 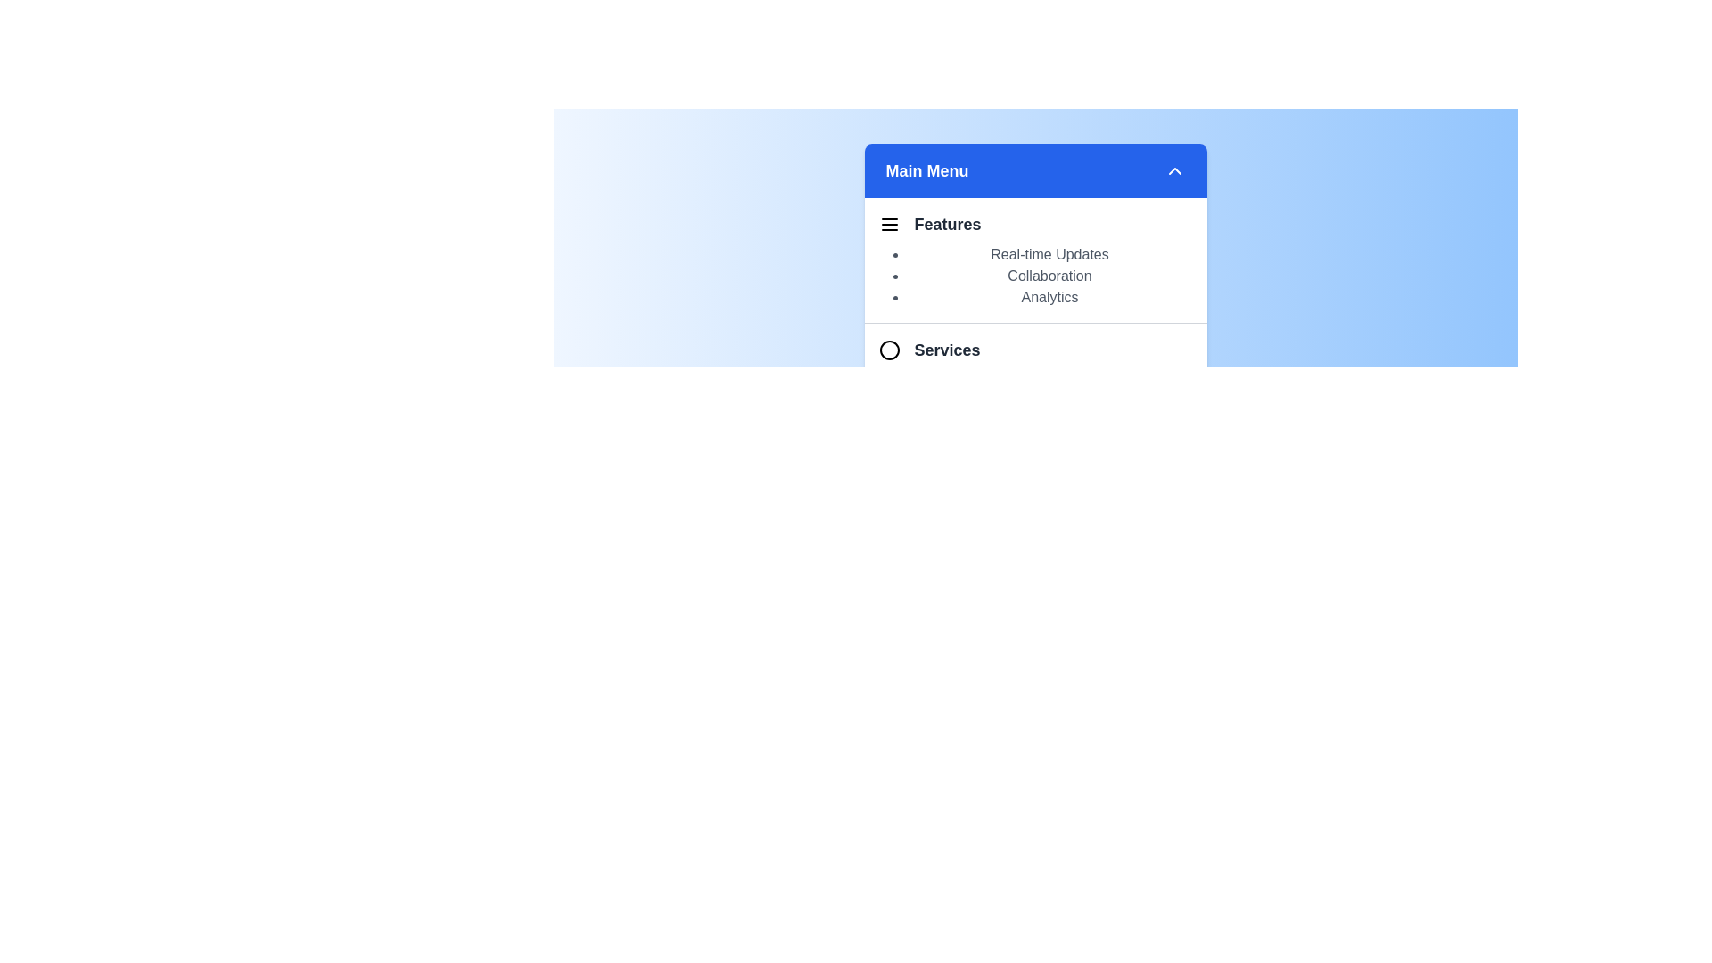 What do you see at coordinates (1035, 226) in the screenshot?
I see `the section header Features to toggle its visibility` at bounding box center [1035, 226].